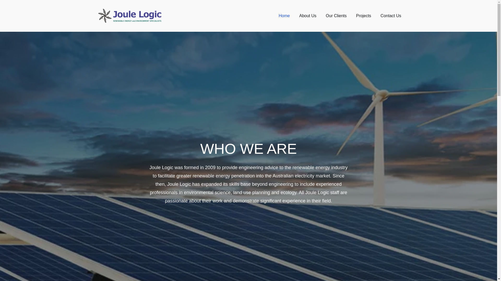  What do you see at coordinates (336, 16) in the screenshot?
I see `'Our Clients'` at bounding box center [336, 16].